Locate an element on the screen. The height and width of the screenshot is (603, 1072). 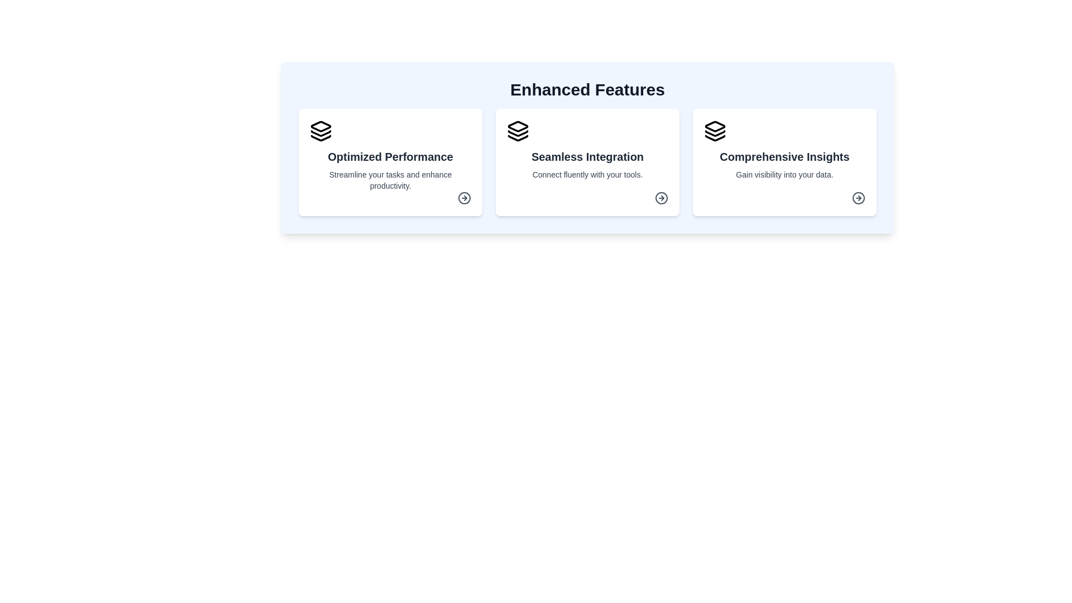
the diamond-shaped icon that is part of the card labeled 'Seamless Integration' in the 'Enhanced Features' section is located at coordinates (517, 126).